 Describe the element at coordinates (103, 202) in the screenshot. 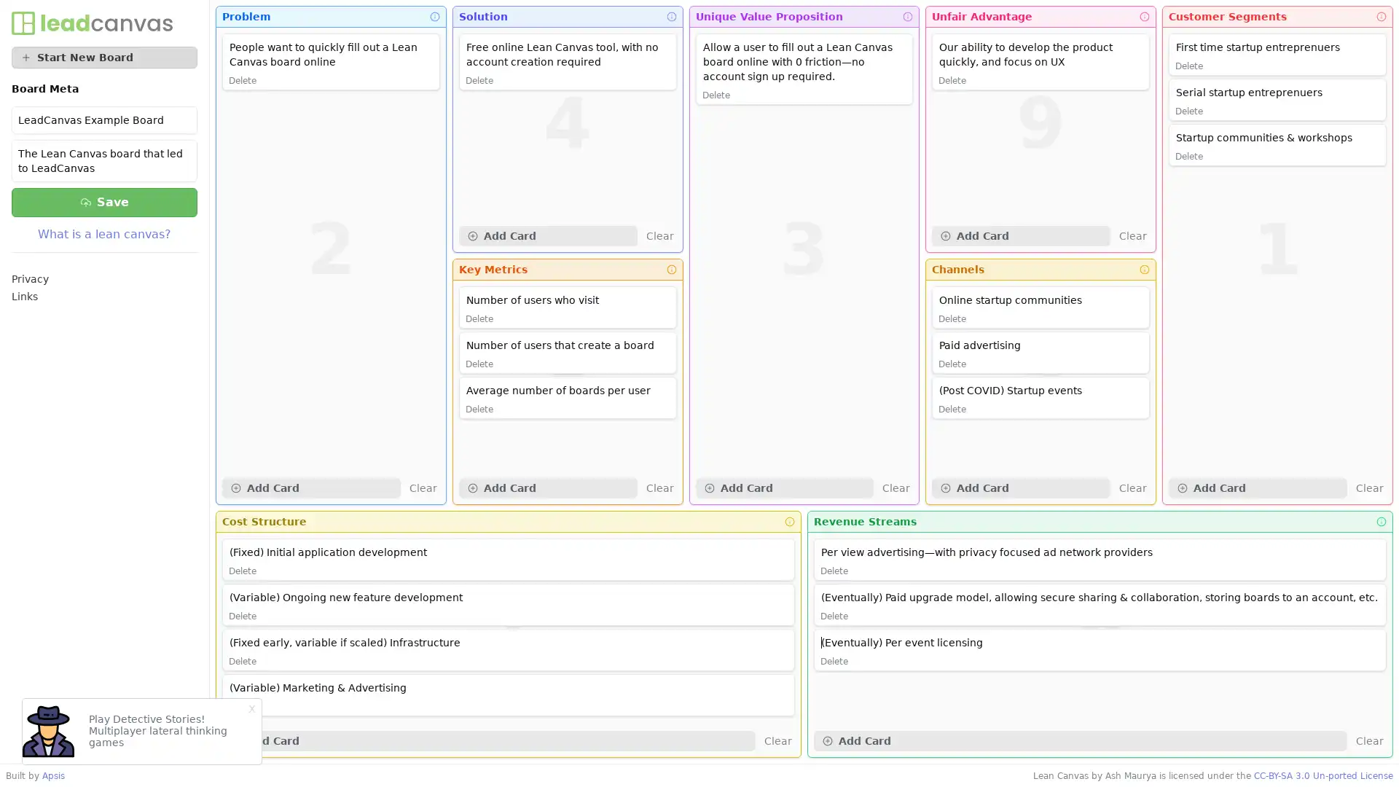

I see `Save` at that location.